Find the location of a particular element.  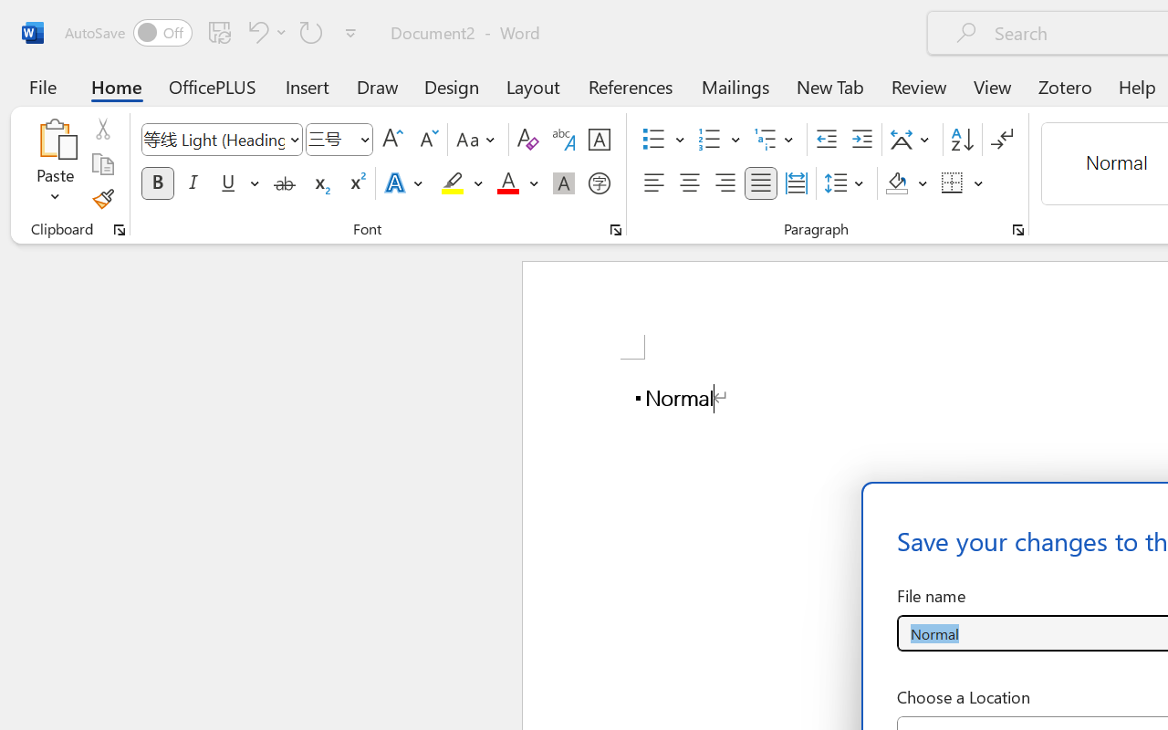

'Underline' is located at coordinates (227, 183).